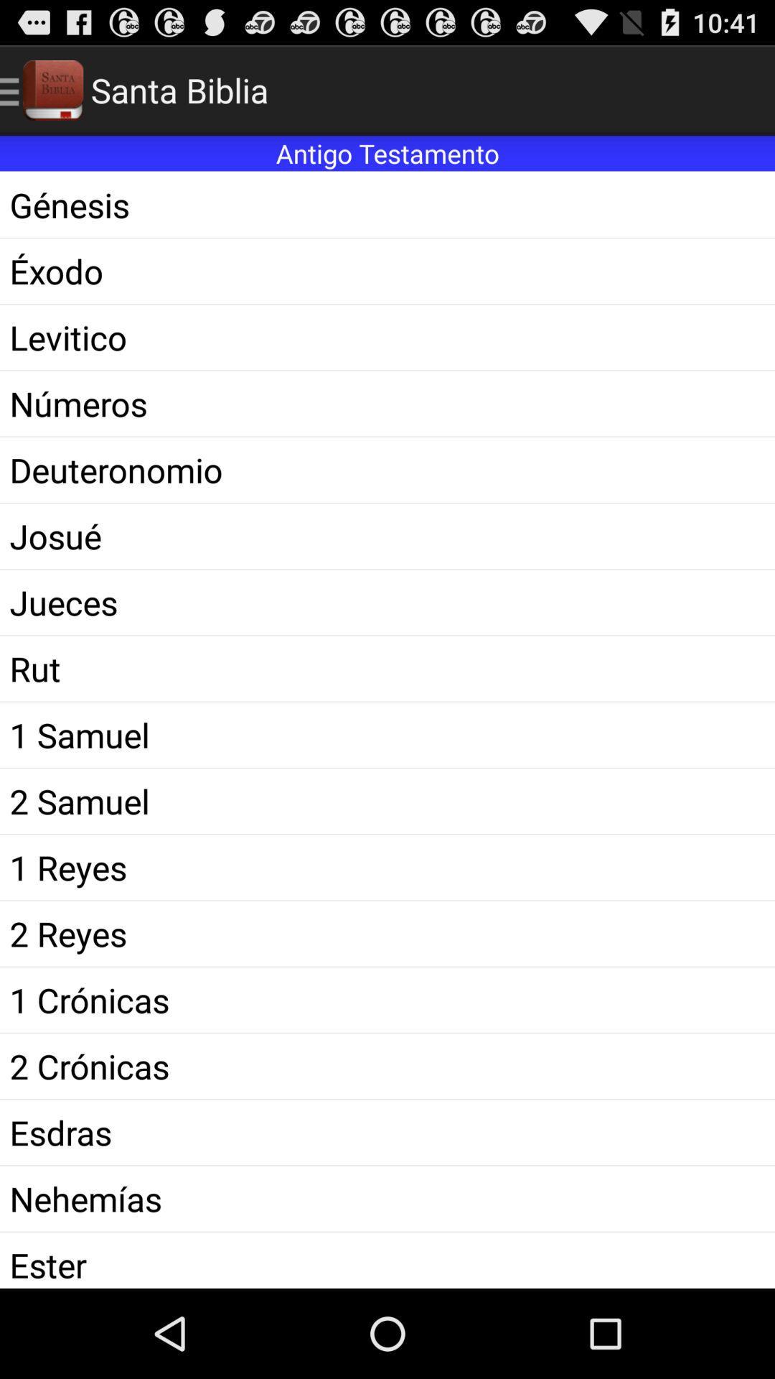 The width and height of the screenshot is (775, 1379). What do you see at coordinates (387, 934) in the screenshot?
I see `the icon below 1 reyes icon` at bounding box center [387, 934].